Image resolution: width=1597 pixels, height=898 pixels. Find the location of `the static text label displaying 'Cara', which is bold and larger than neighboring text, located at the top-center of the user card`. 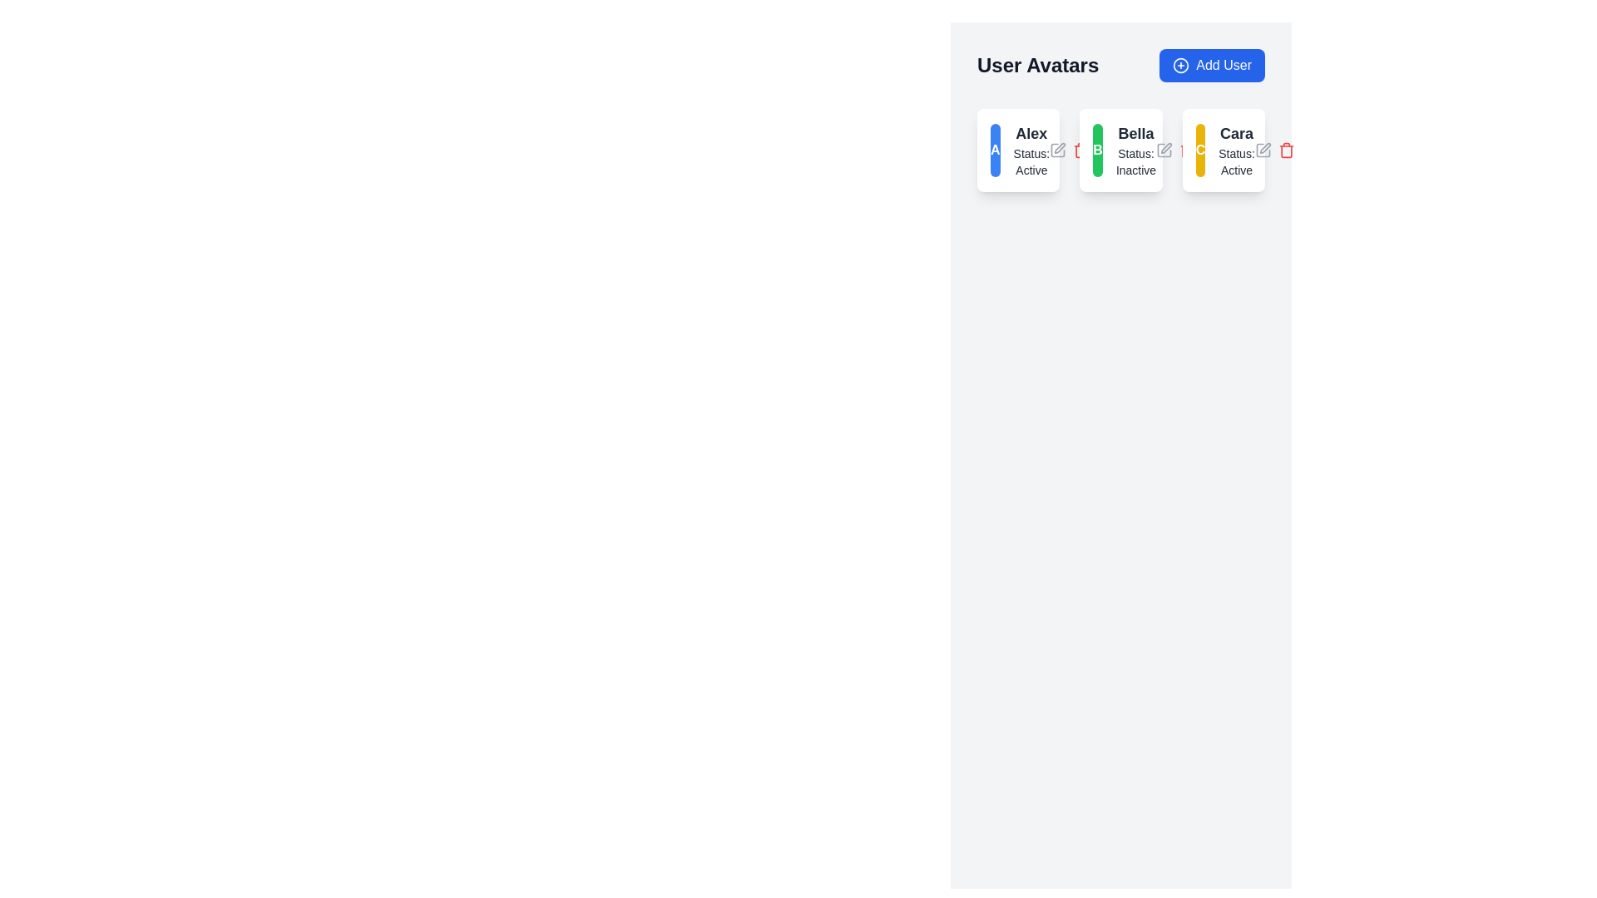

the static text label displaying 'Cara', which is bold and larger than neighboring text, located at the top-center of the user card is located at coordinates (1237, 133).